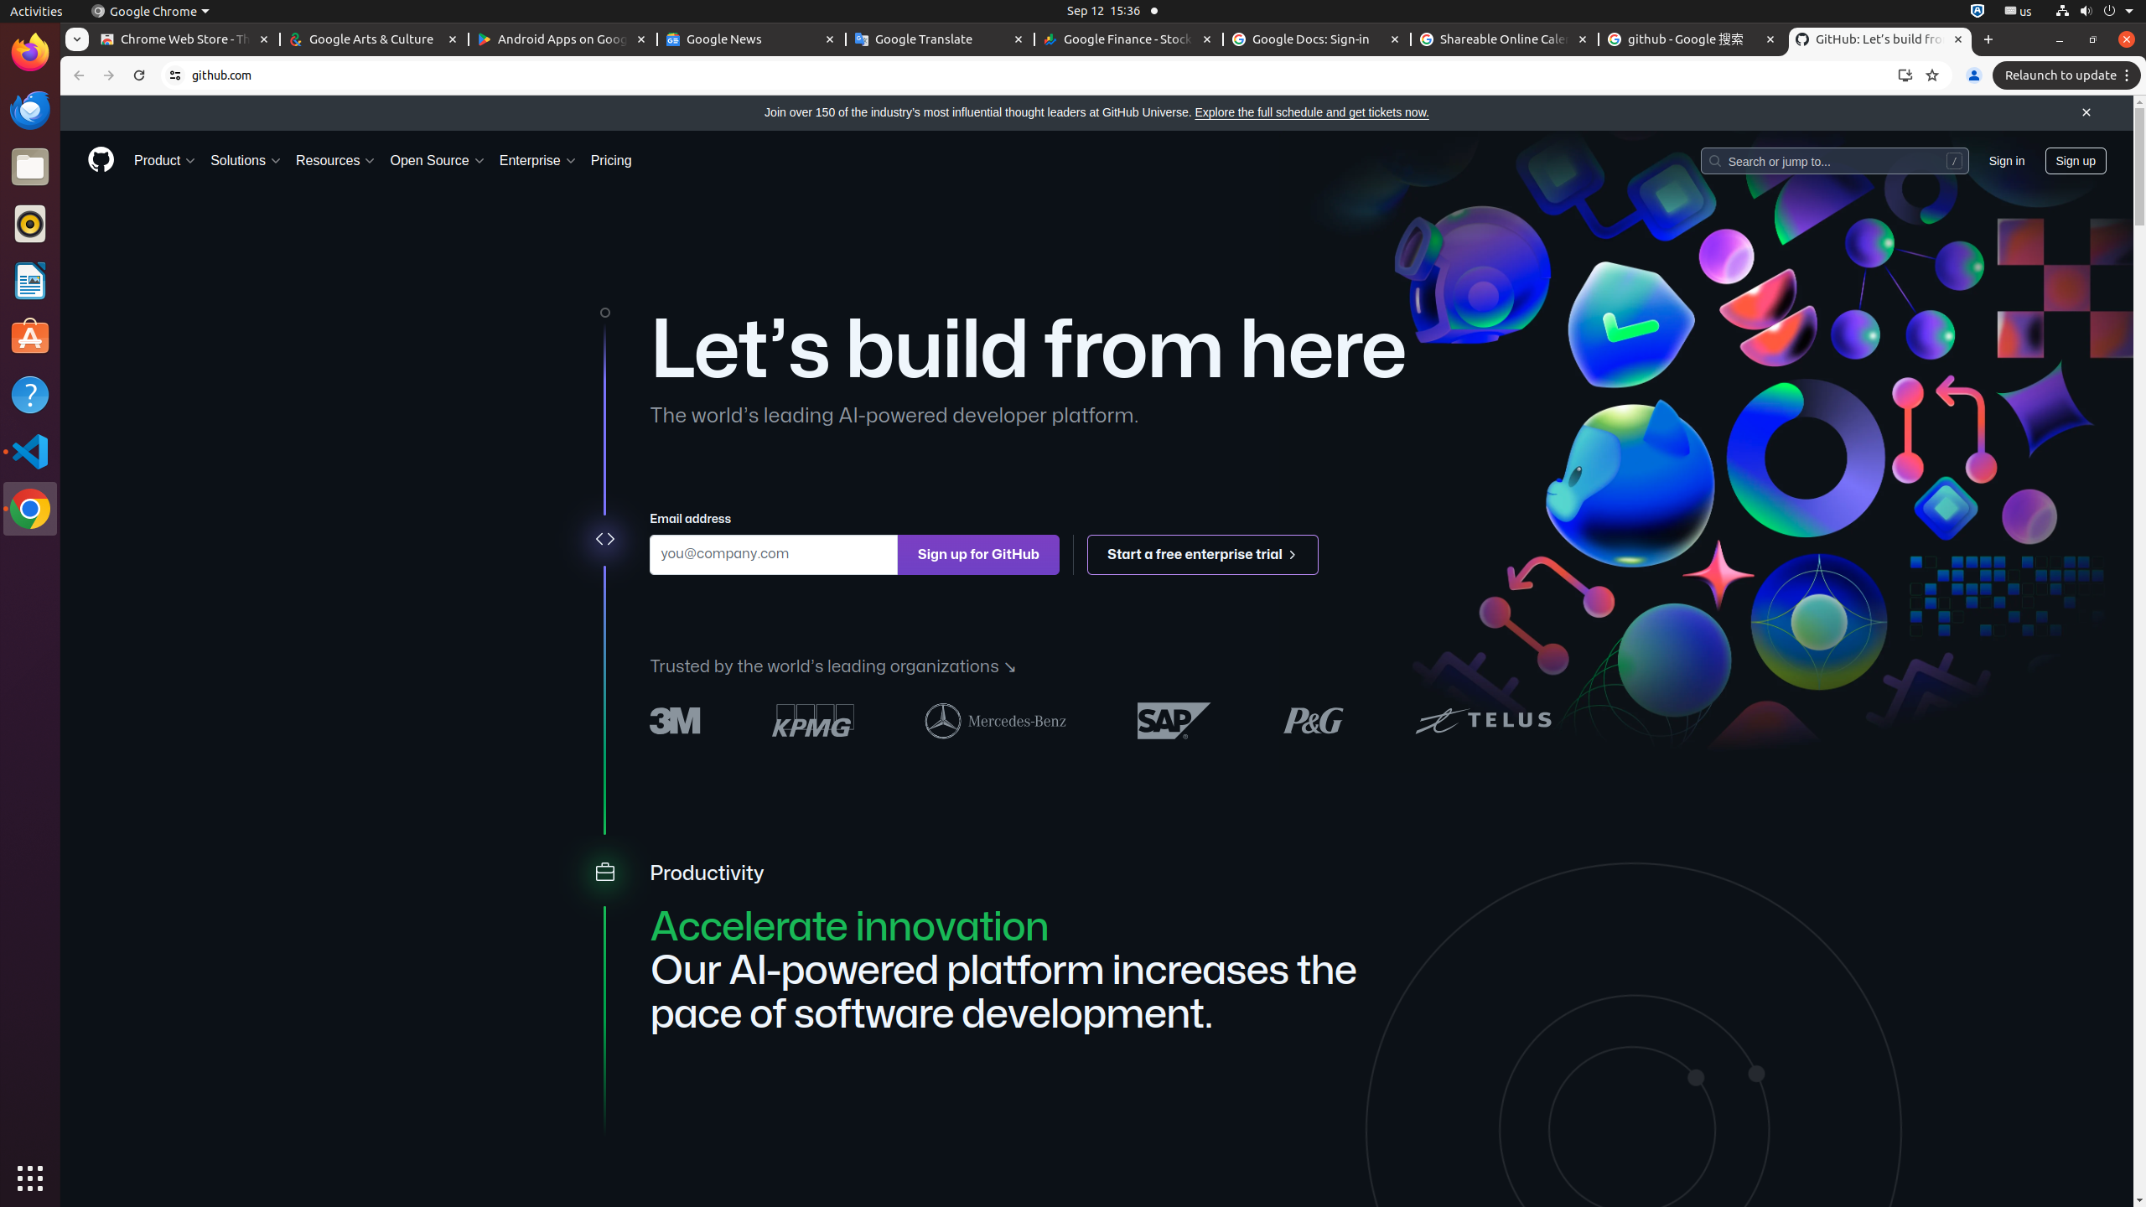  I want to click on 'Sign up for GitHub', so click(977, 553).